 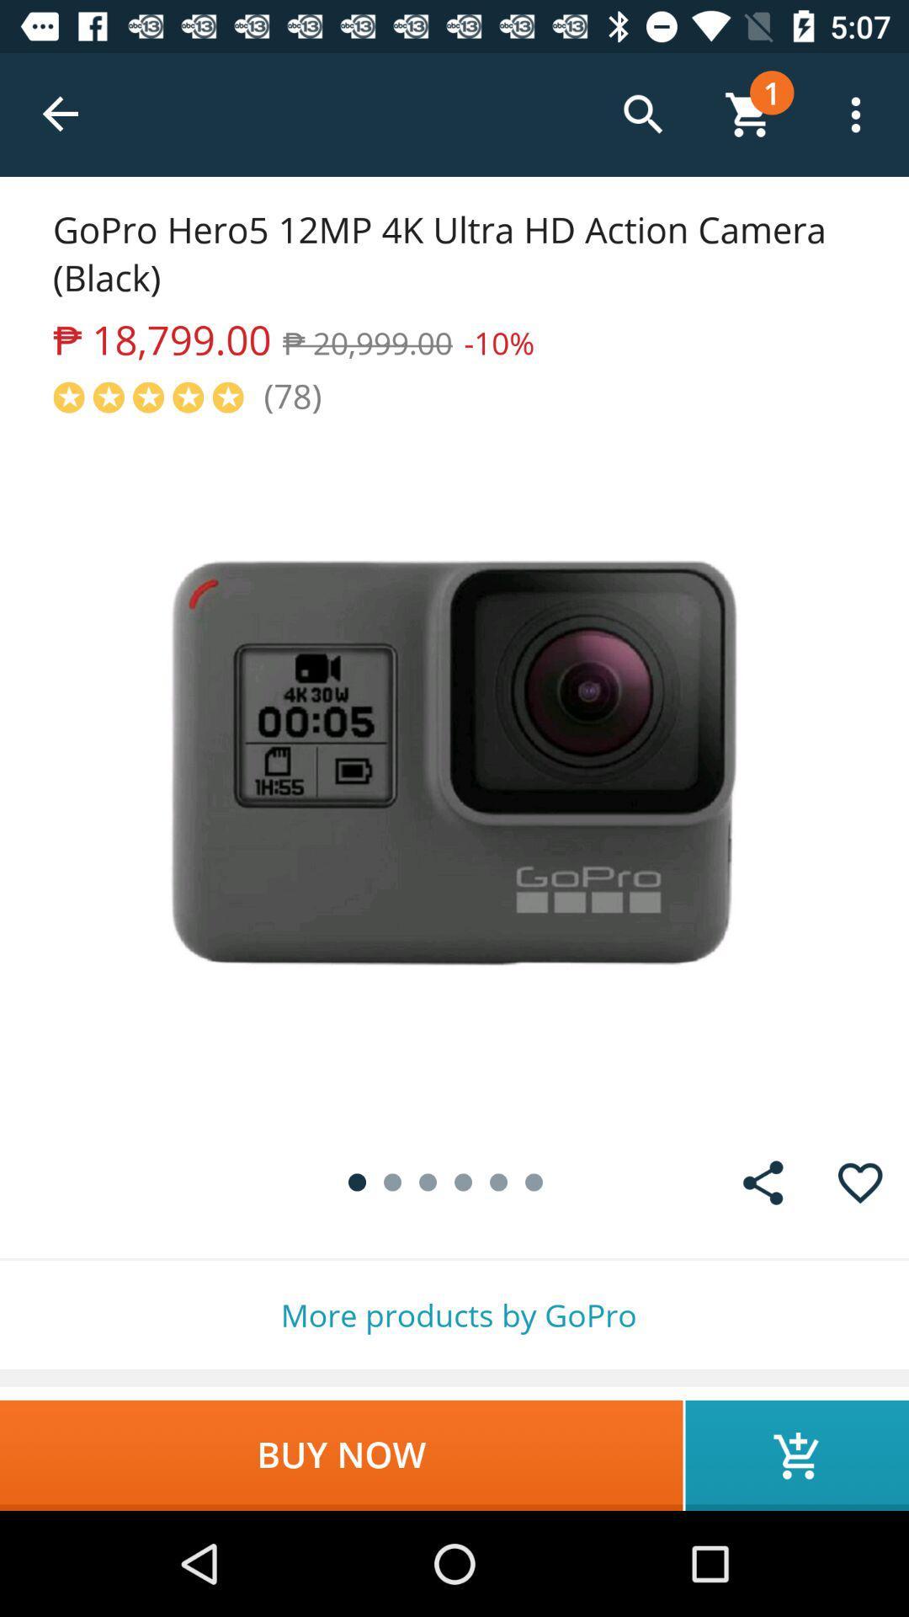 I want to click on share, so click(x=763, y=1182).